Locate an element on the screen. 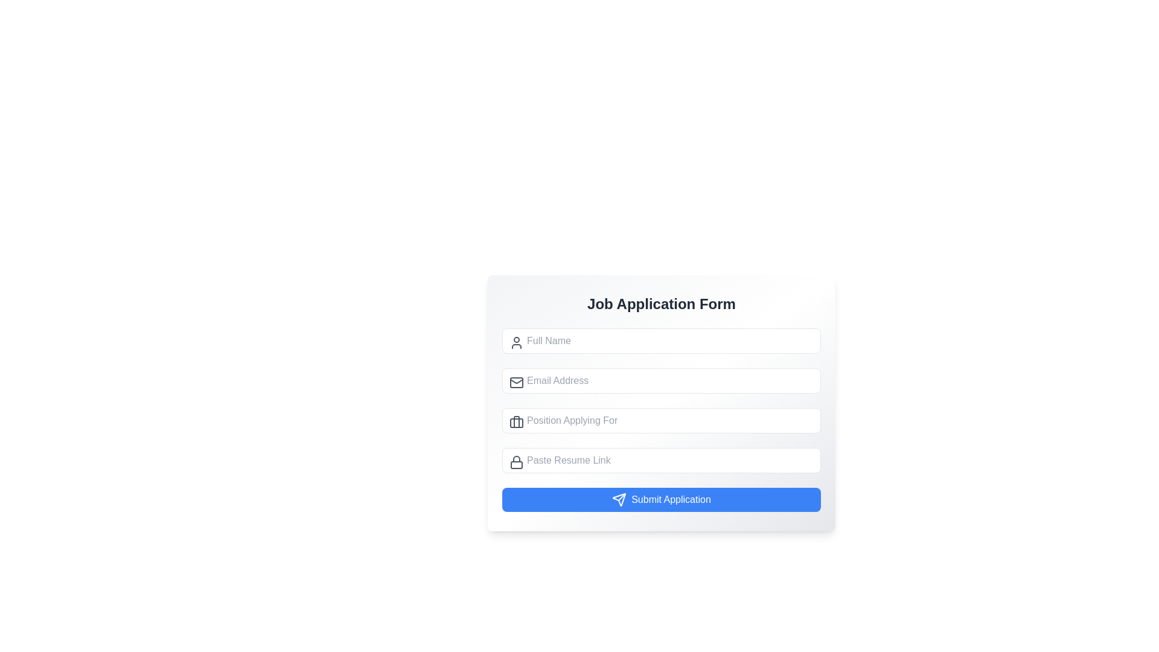 This screenshot has width=1159, height=652. the purpose of the form is located at coordinates (660, 304).